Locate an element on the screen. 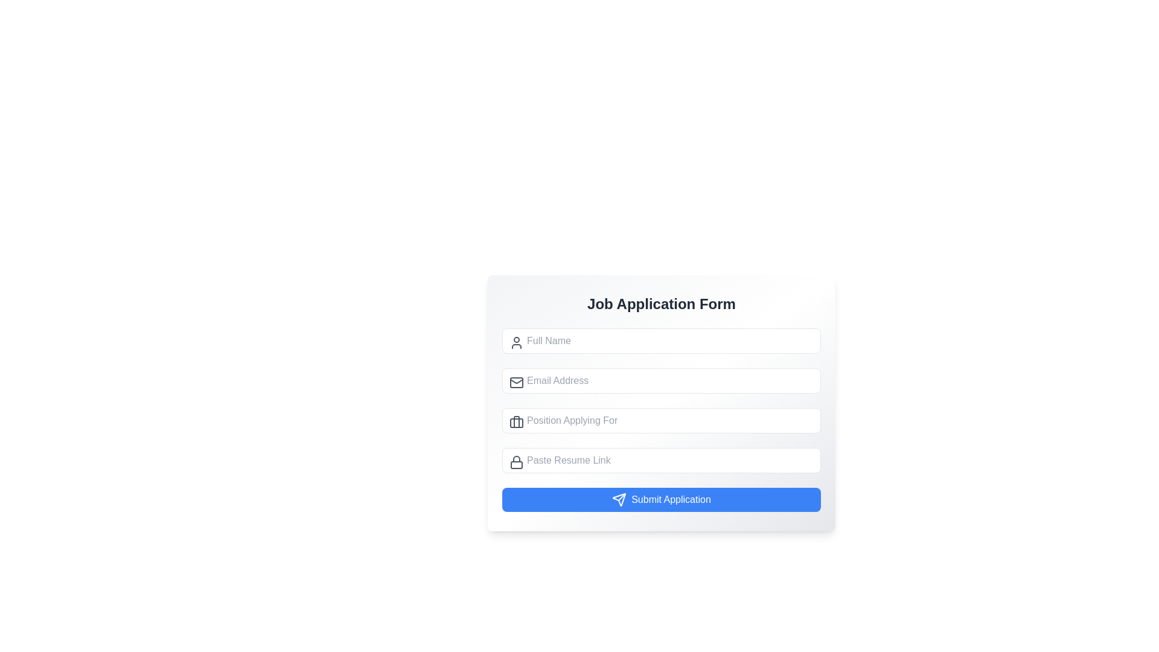 This screenshot has width=1159, height=652. the purpose of the form is located at coordinates (660, 304).